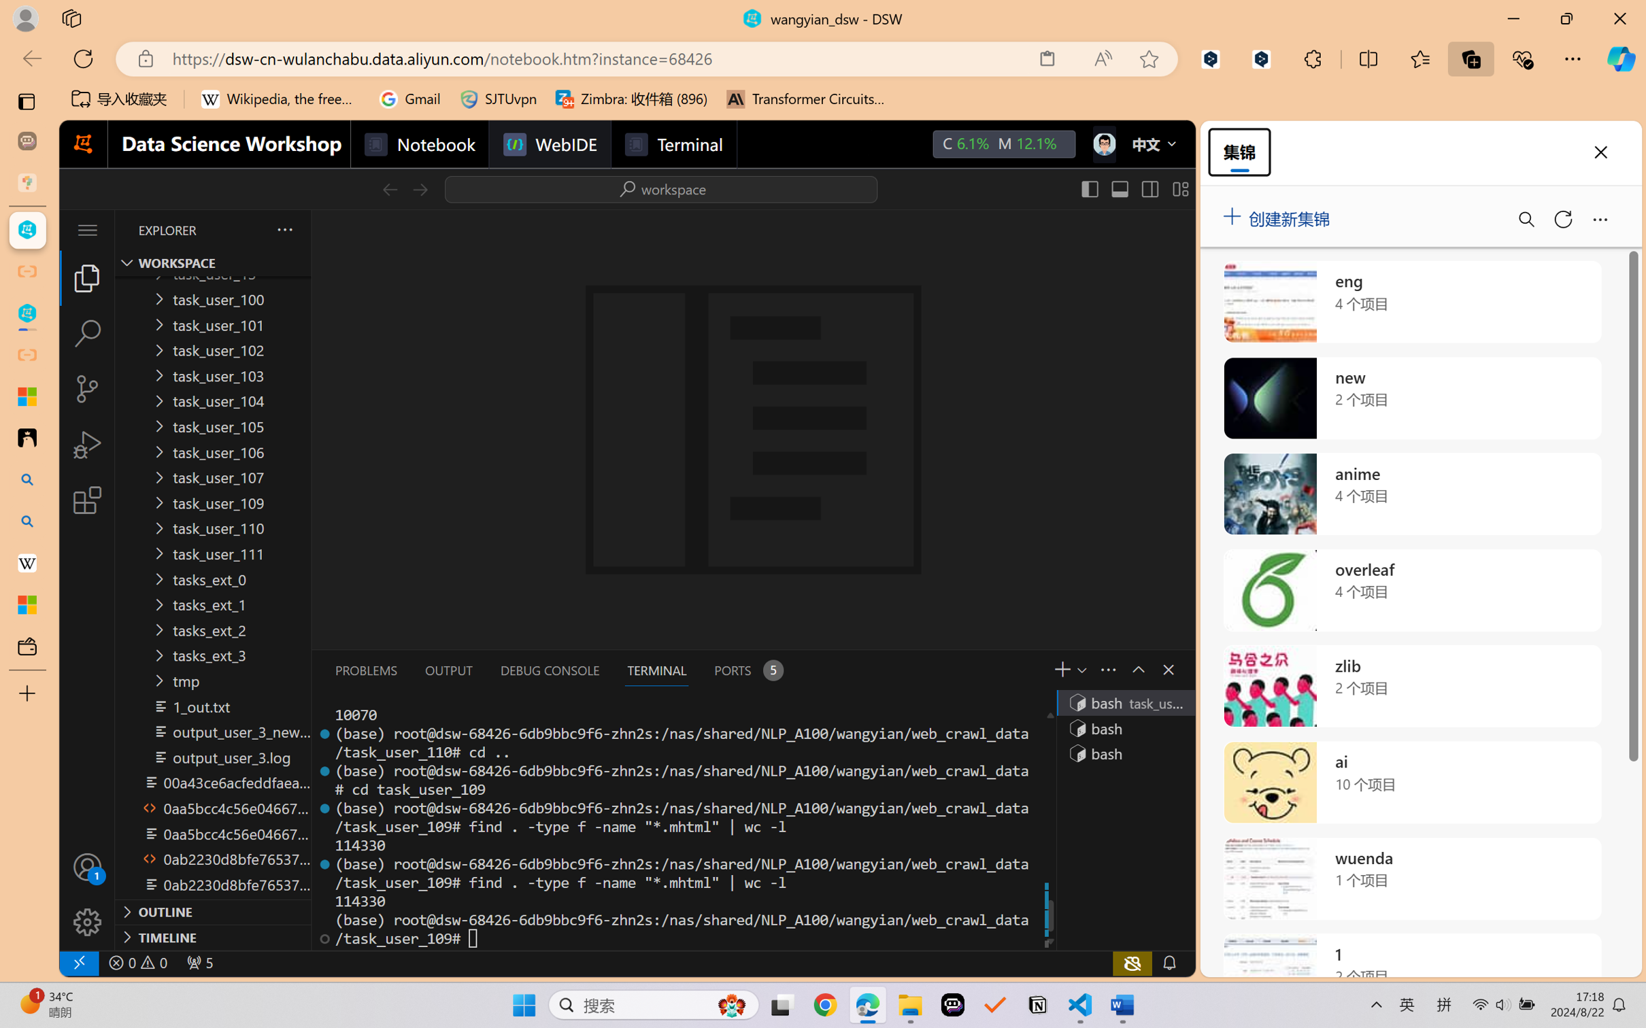  What do you see at coordinates (1169, 962) in the screenshot?
I see `'Notifications'` at bounding box center [1169, 962].